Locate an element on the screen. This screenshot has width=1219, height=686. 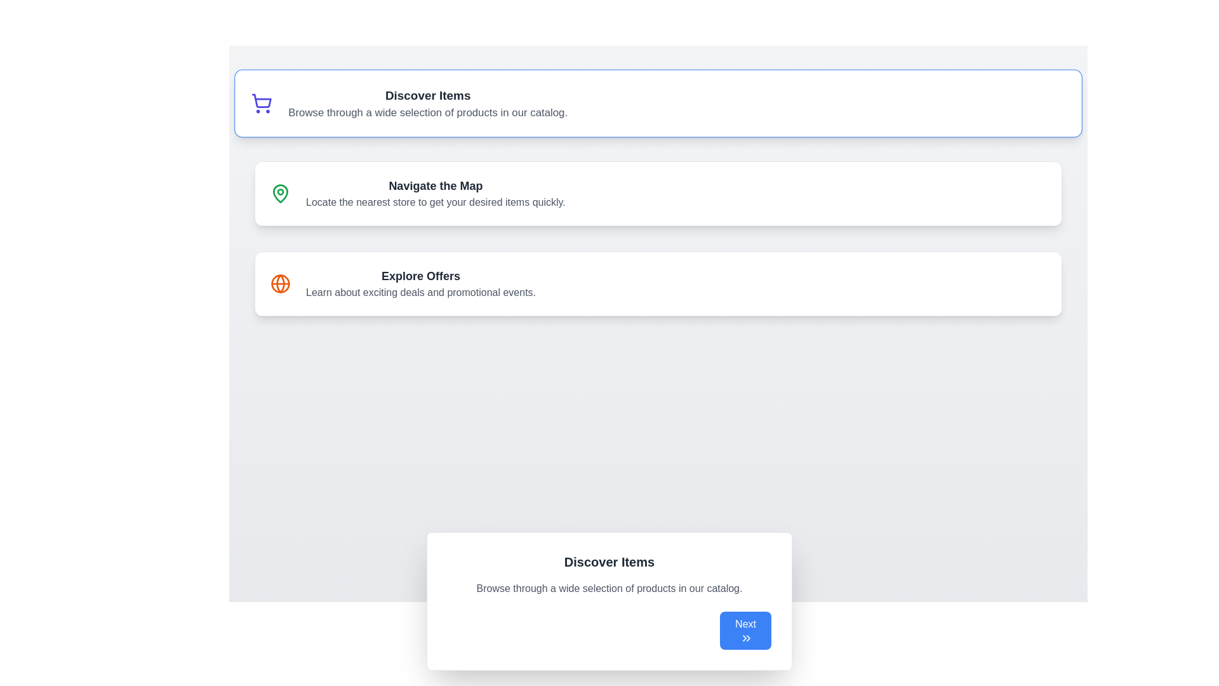
the text providing additional information about locating the nearest store, which is positioned beneath the 'Navigate the Map' header is located at coordinates (436, 202).